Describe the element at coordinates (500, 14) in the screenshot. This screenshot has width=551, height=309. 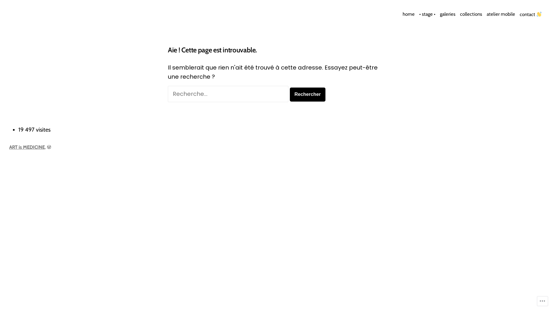
I see `'atelier mobile'` at that location.